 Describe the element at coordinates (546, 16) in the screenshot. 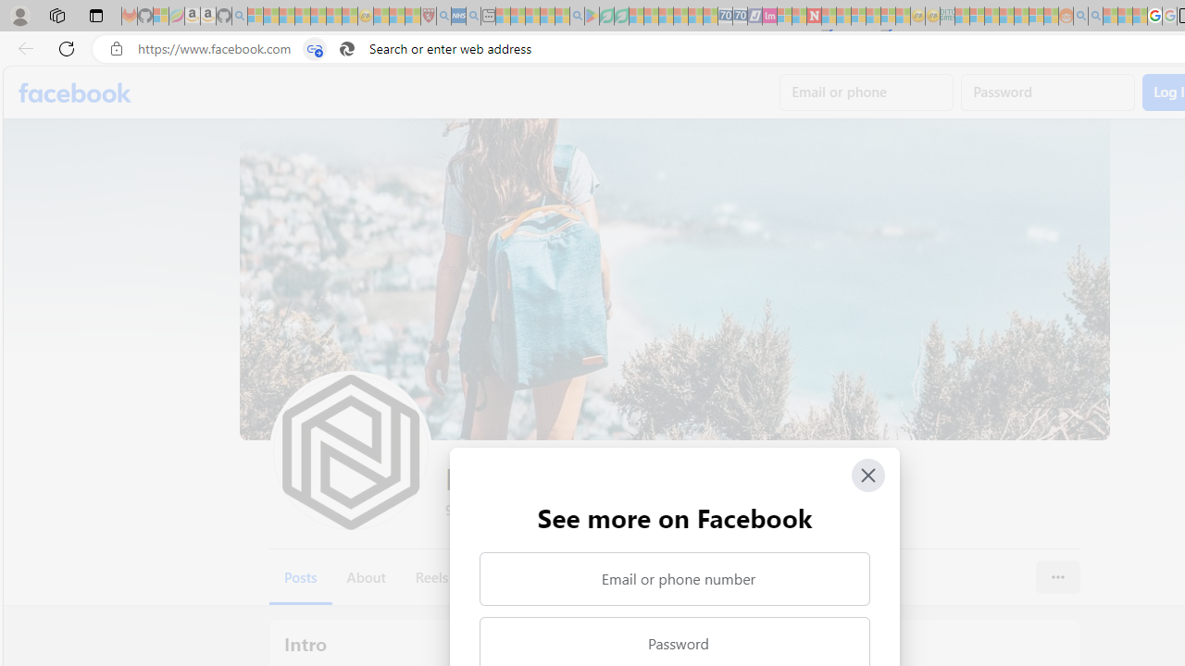

I see `'Pets - MSN - Sleeping'` at that location.